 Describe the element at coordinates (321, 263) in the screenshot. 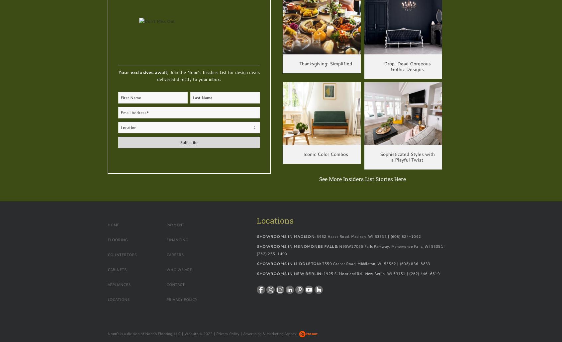

I see `'7550 Graber Road, Middleton, WI 53562   |   (608) 836-8833'` at that location.